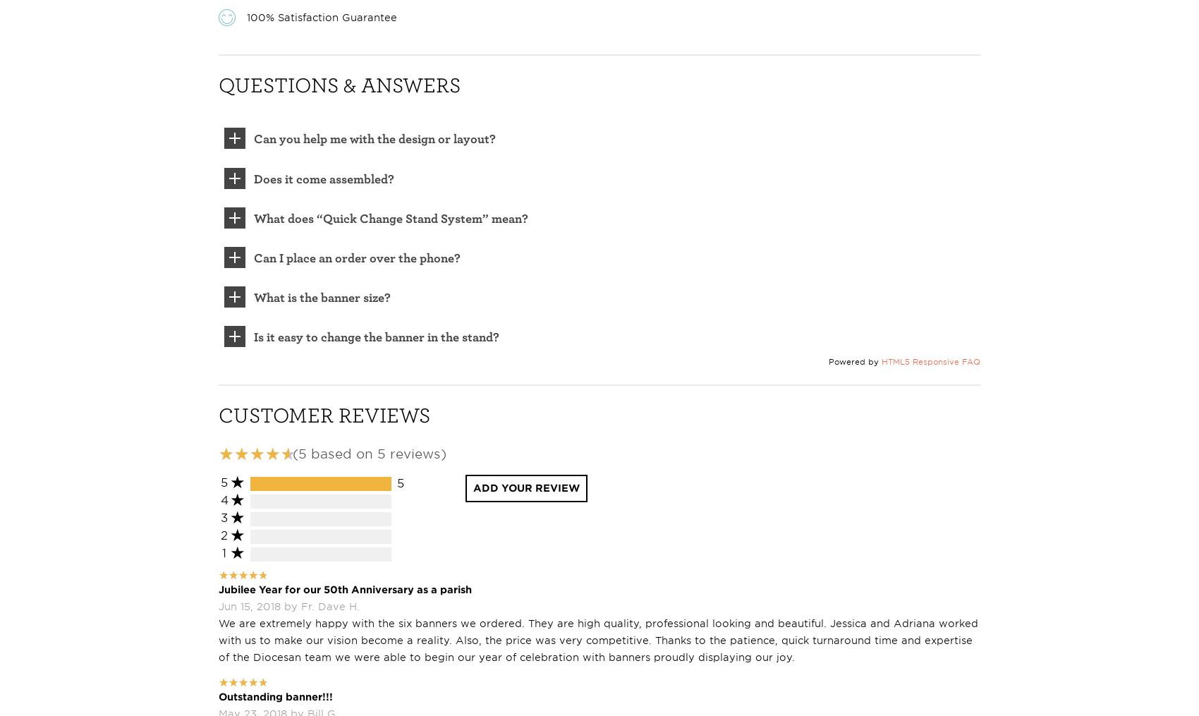 This screenshot has width=1199, height=716. Describe the element at coordinates (322, 297) in the screenshot. I see `'What is the banner size?'` at that location.